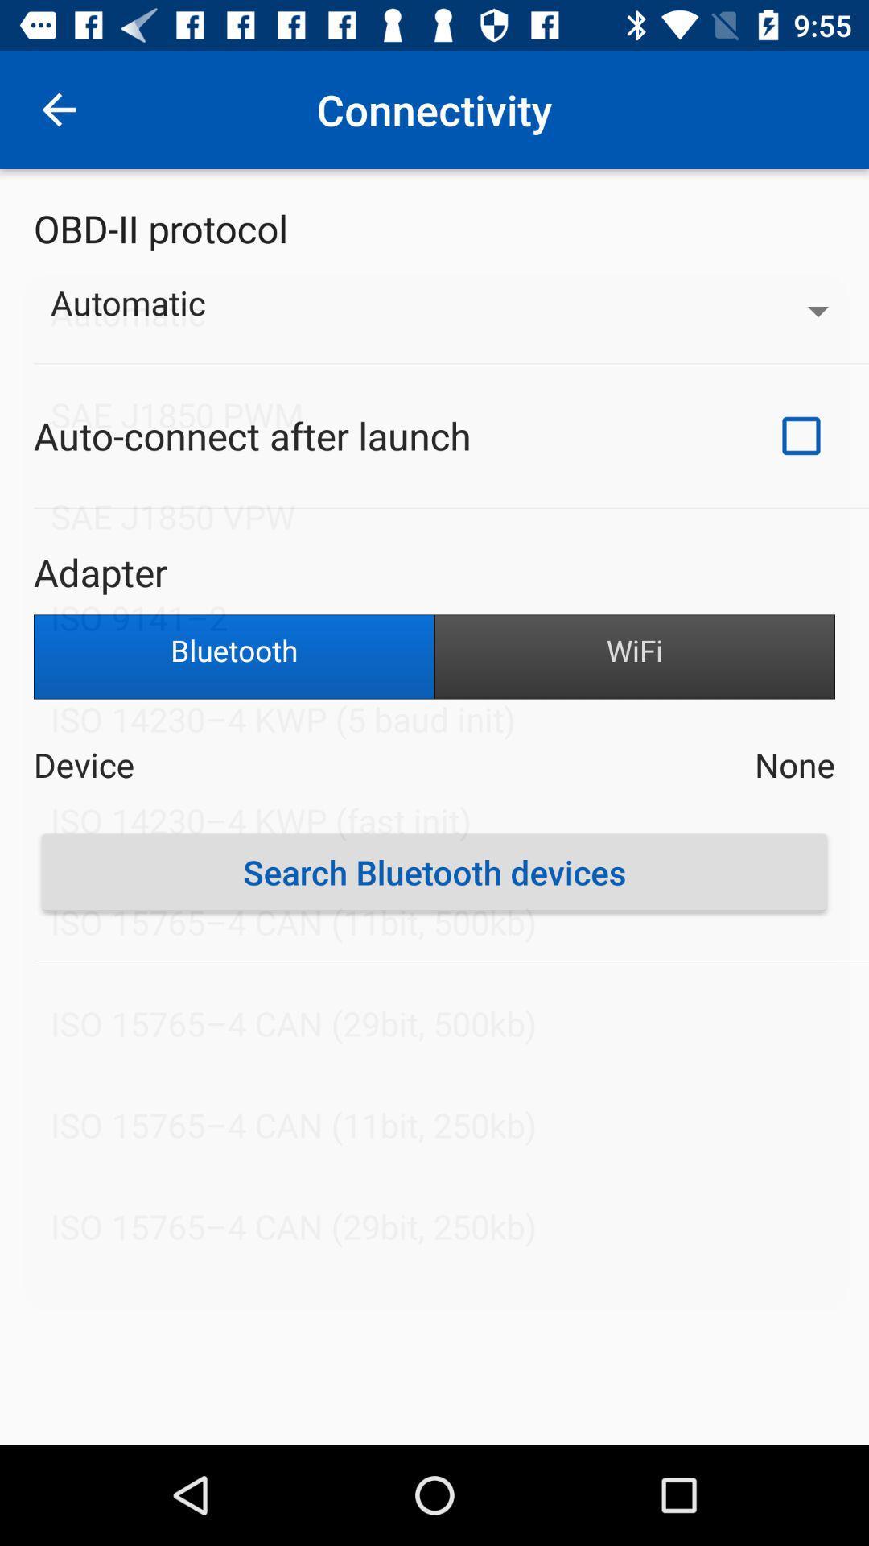 The image size is (869, 1546). What do you see at coordinates (58, 109) in the screenshot?
I see `icon above obd-ii protocol` at bounding box center [58, 109].